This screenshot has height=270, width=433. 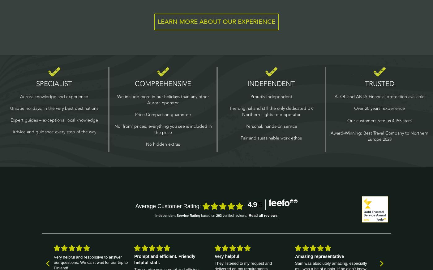 What do you see at coordinates (158, 21) in the screenshot?
I see `'Learn more about our experience'` at bounding box center [158, 21].